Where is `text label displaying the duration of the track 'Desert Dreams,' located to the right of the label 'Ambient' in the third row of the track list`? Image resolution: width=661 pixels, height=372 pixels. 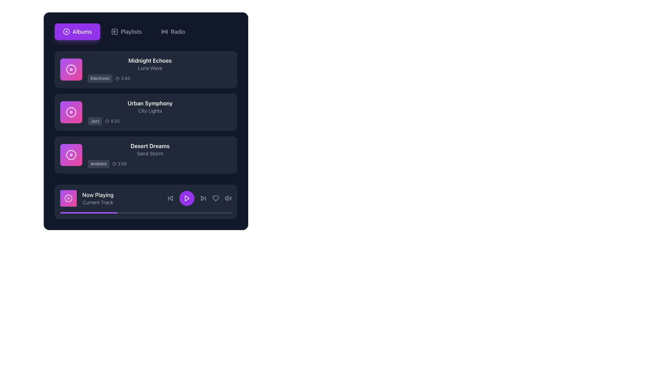 text label displaying the duration of the track 'Desert Dreams,' located to the right of the label 'Ambient' in the third row of the track list is located at coordinates (119, 164).